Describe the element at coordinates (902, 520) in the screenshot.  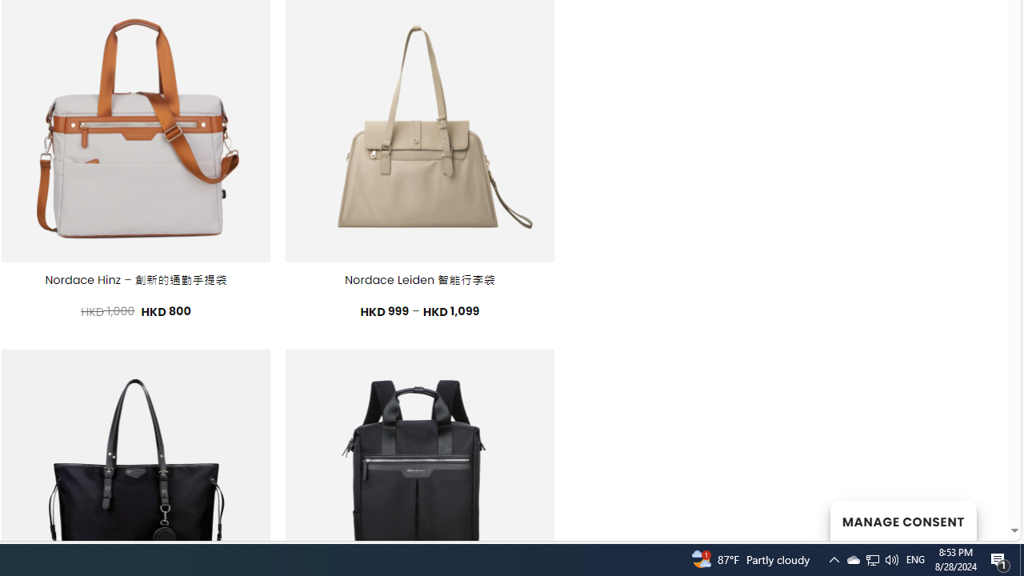
I see `'MANAGE CONSENT'` at that location.